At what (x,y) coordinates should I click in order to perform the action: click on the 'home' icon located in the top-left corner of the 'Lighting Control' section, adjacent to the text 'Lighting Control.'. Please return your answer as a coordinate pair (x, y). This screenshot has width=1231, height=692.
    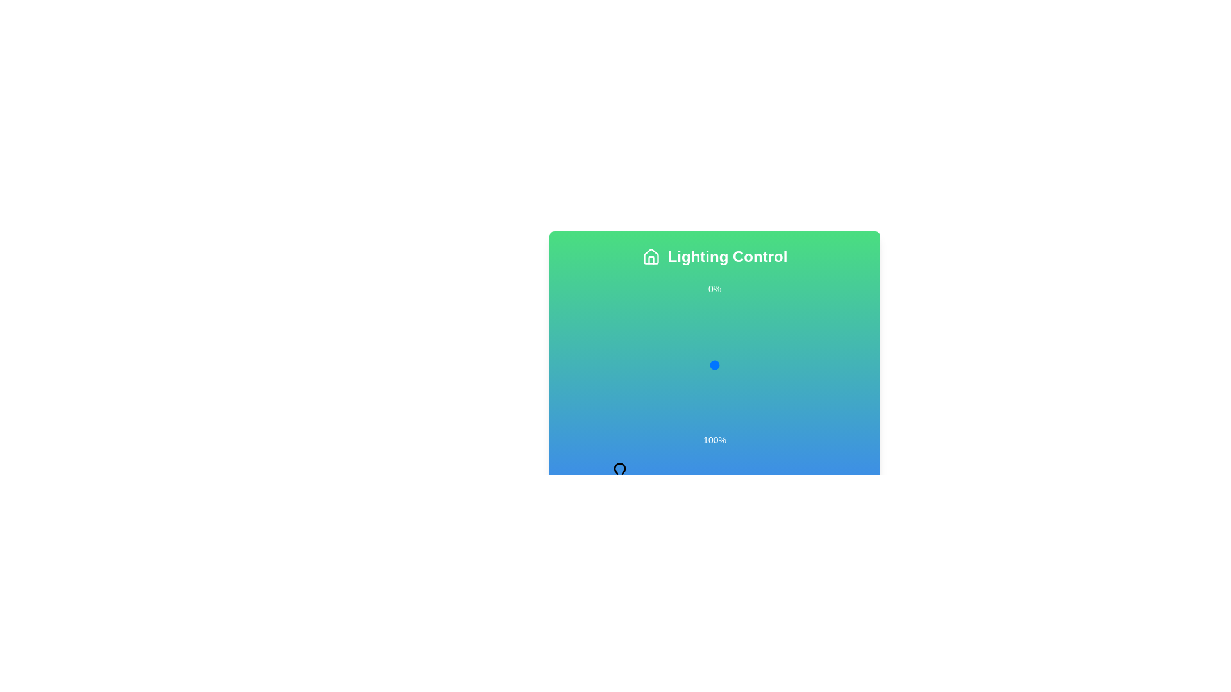
    Looking at the image, I should click on (651, 257).